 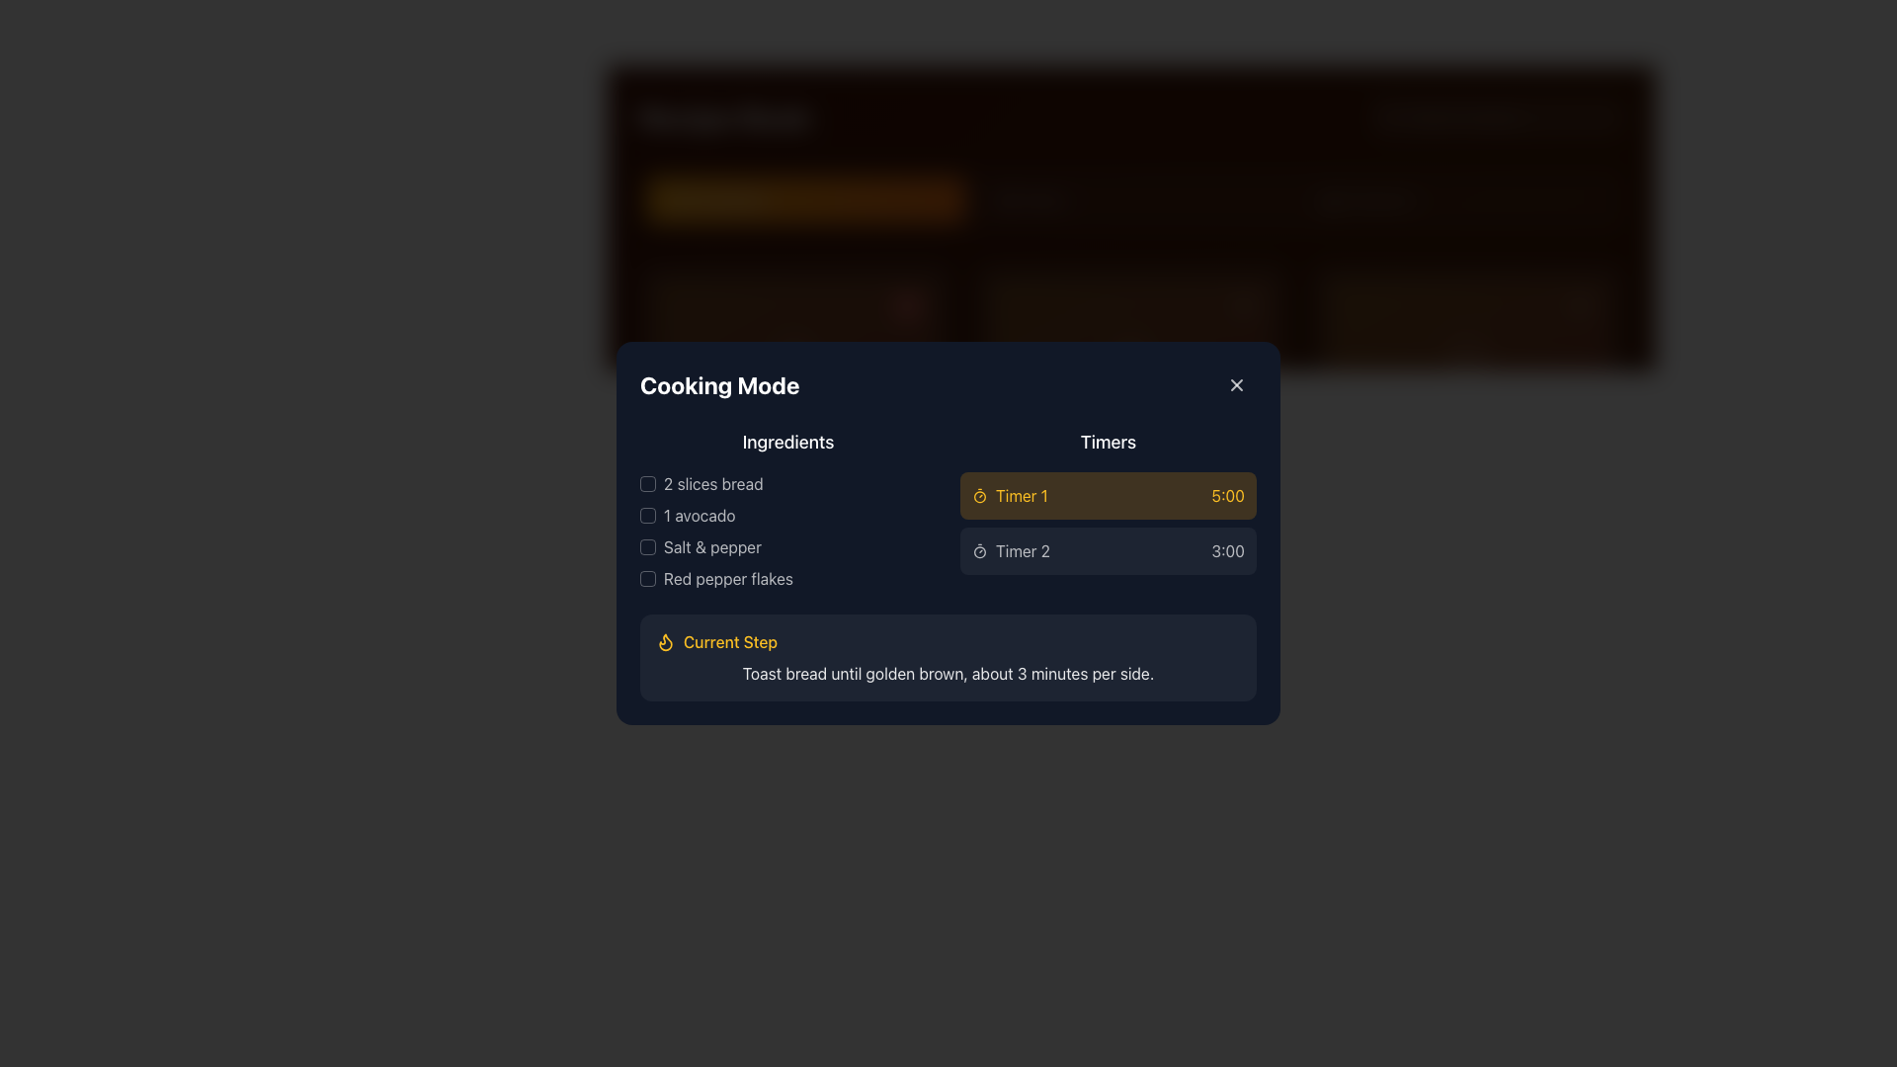 What do you see at coordinates (663, 498) in the screenshot?
I see `the SVG Circle element within the clock icon next to the 'Timer 1' label under the 'Timers' section of the dialog` at bounding box center [663, 498].